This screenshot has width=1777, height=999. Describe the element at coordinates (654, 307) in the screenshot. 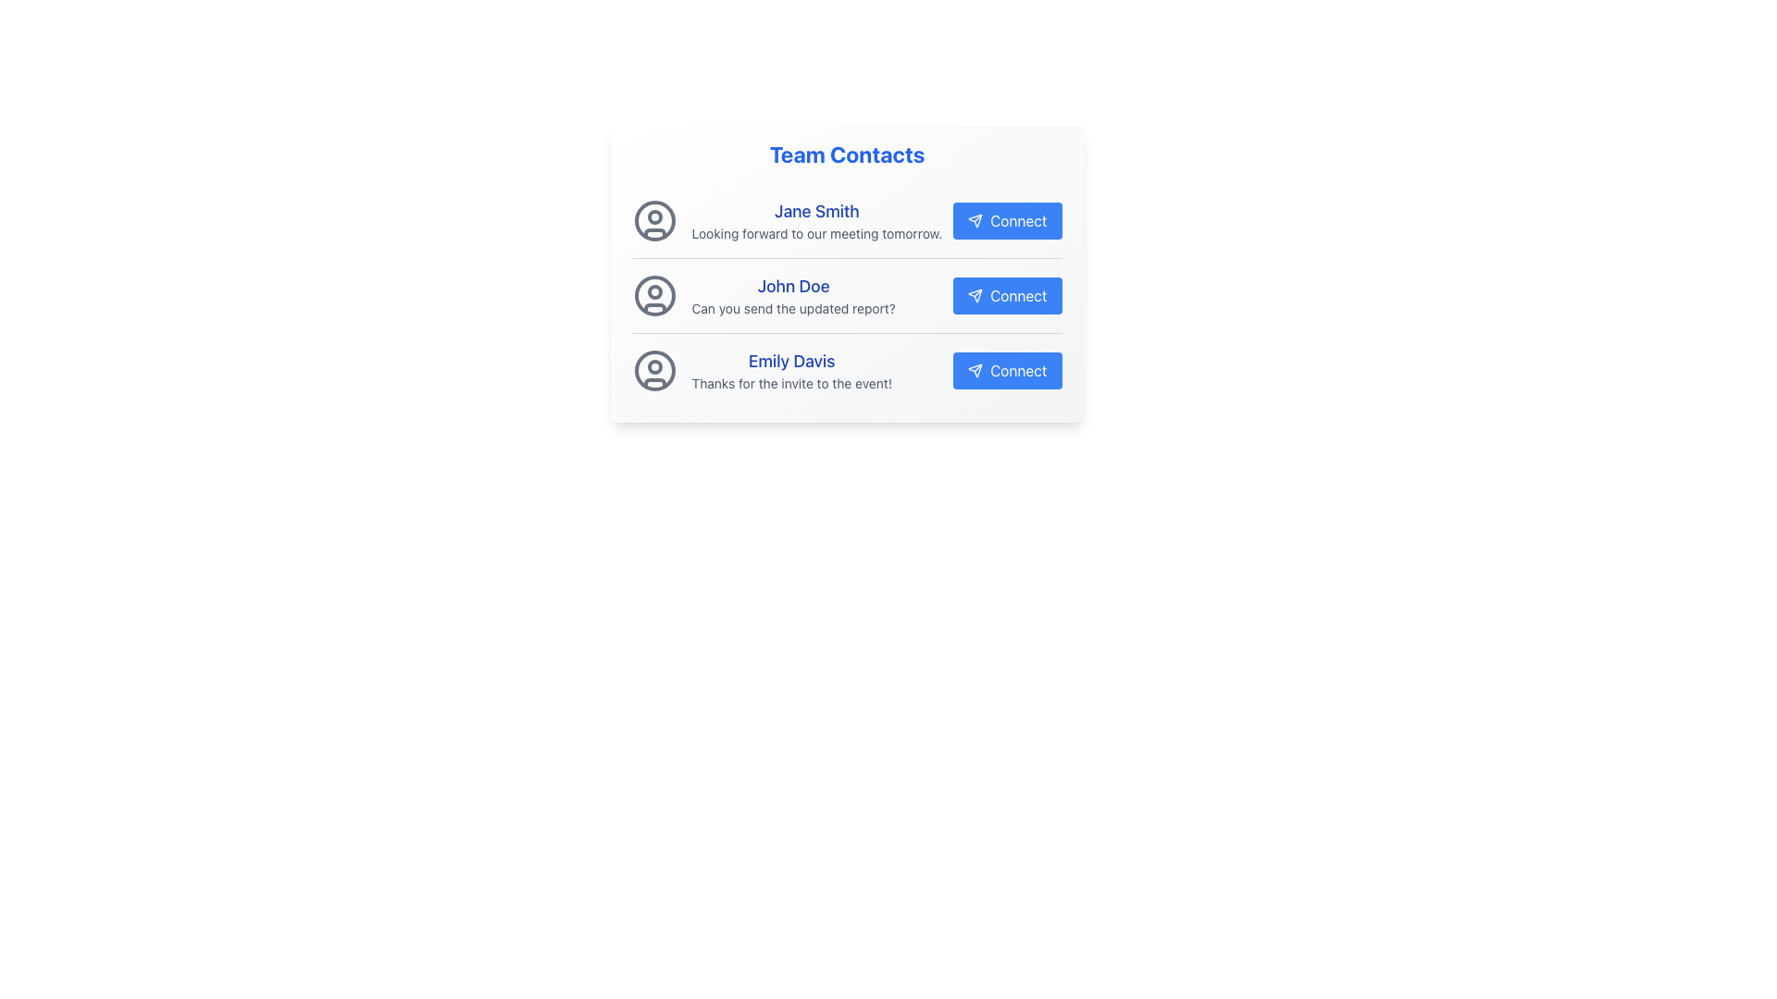

I see `the body component of the user profile icon located in the lower half of the second user icon for 'John Doe'` at that location.